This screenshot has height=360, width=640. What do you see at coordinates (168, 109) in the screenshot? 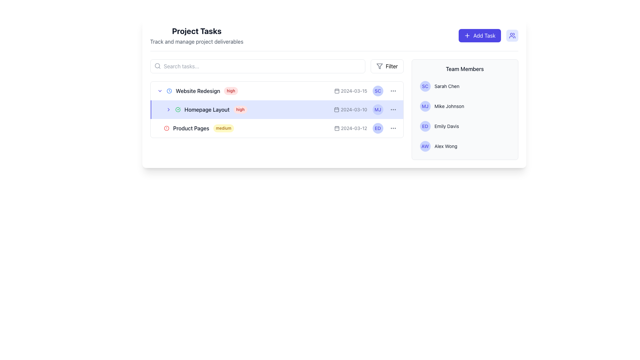
I see `the chevron icon located on the right edge of the highlighted blue row labeled 'Homepage Layout' in the 'Project Tasks' section` at bounding box center [168, 109].